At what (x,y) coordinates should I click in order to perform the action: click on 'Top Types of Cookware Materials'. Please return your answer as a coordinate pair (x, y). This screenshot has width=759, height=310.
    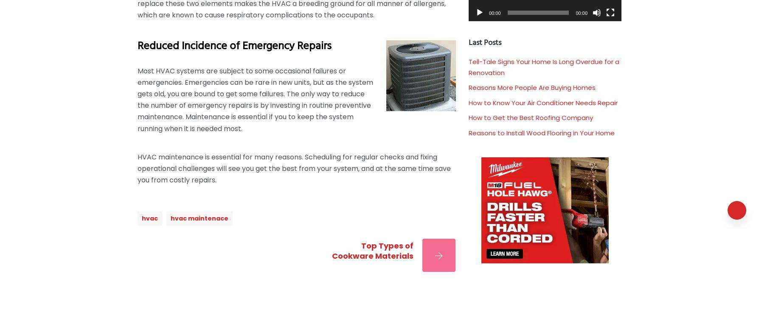
    Looking at the image, I should click on (332, 250).